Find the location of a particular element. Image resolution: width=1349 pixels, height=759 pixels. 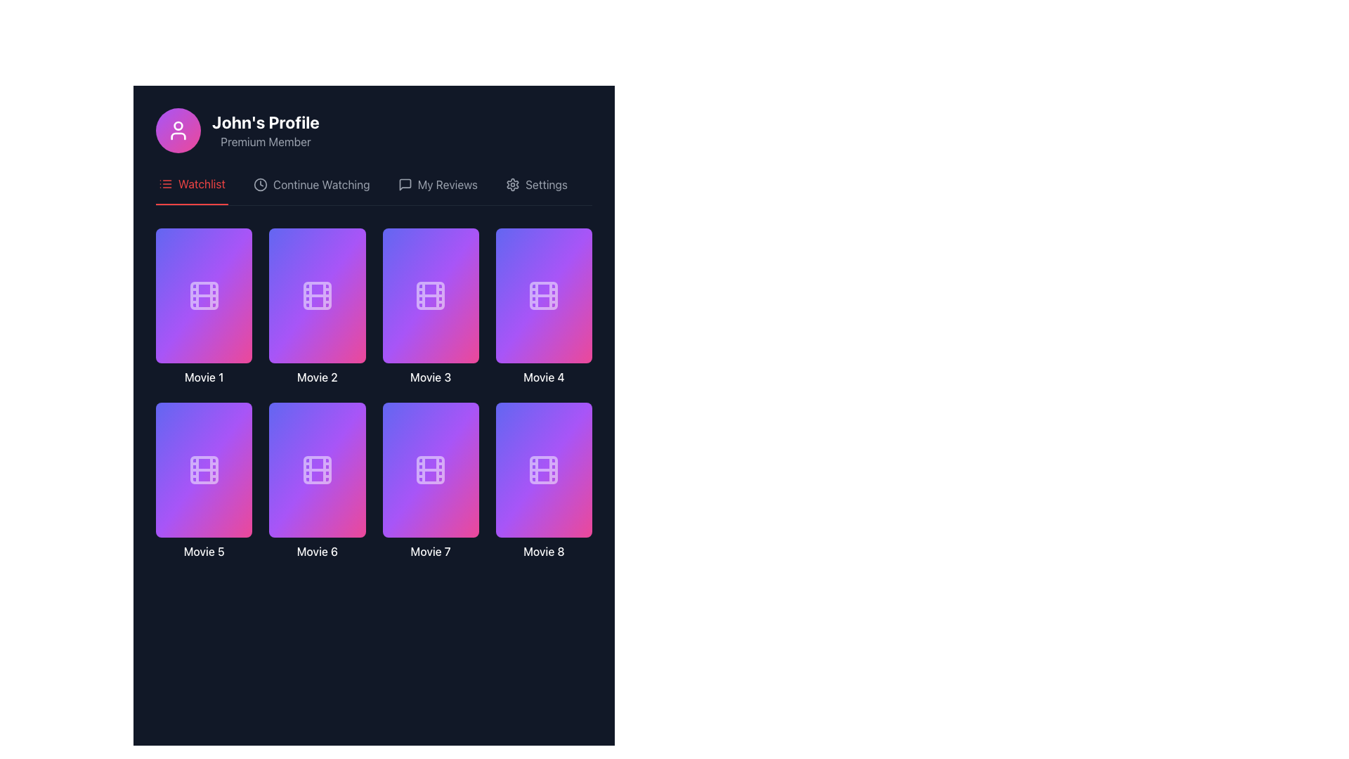

the Play Icon located in the first card labeled 'Movie 1' within the movie gallery to initiate playback of the corresponding video is located at coordinates (204, 288).